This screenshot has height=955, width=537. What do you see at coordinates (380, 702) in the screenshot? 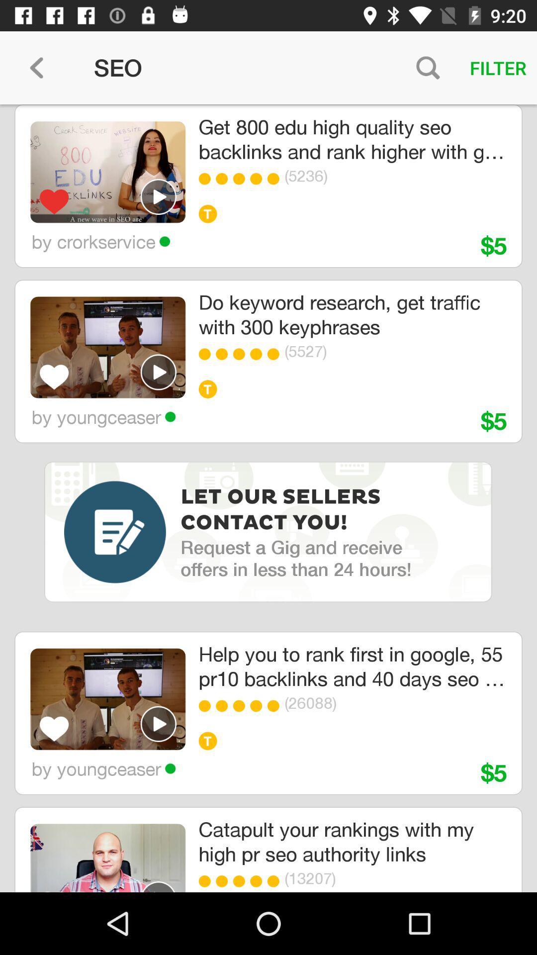
I see `icon above $5 item` at bounding box center [380, 702].